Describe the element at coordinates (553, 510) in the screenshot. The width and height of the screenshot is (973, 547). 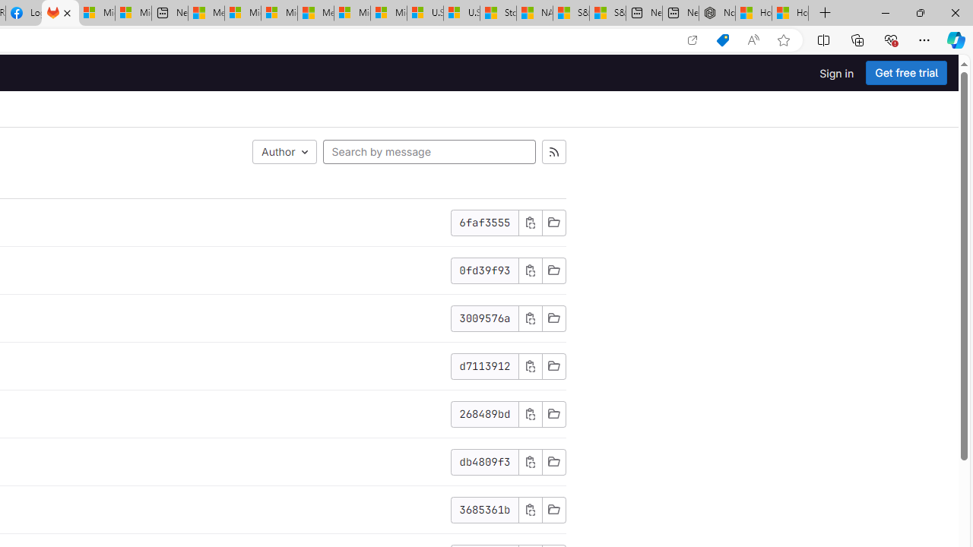
I see `'Class: s16'` at that location.